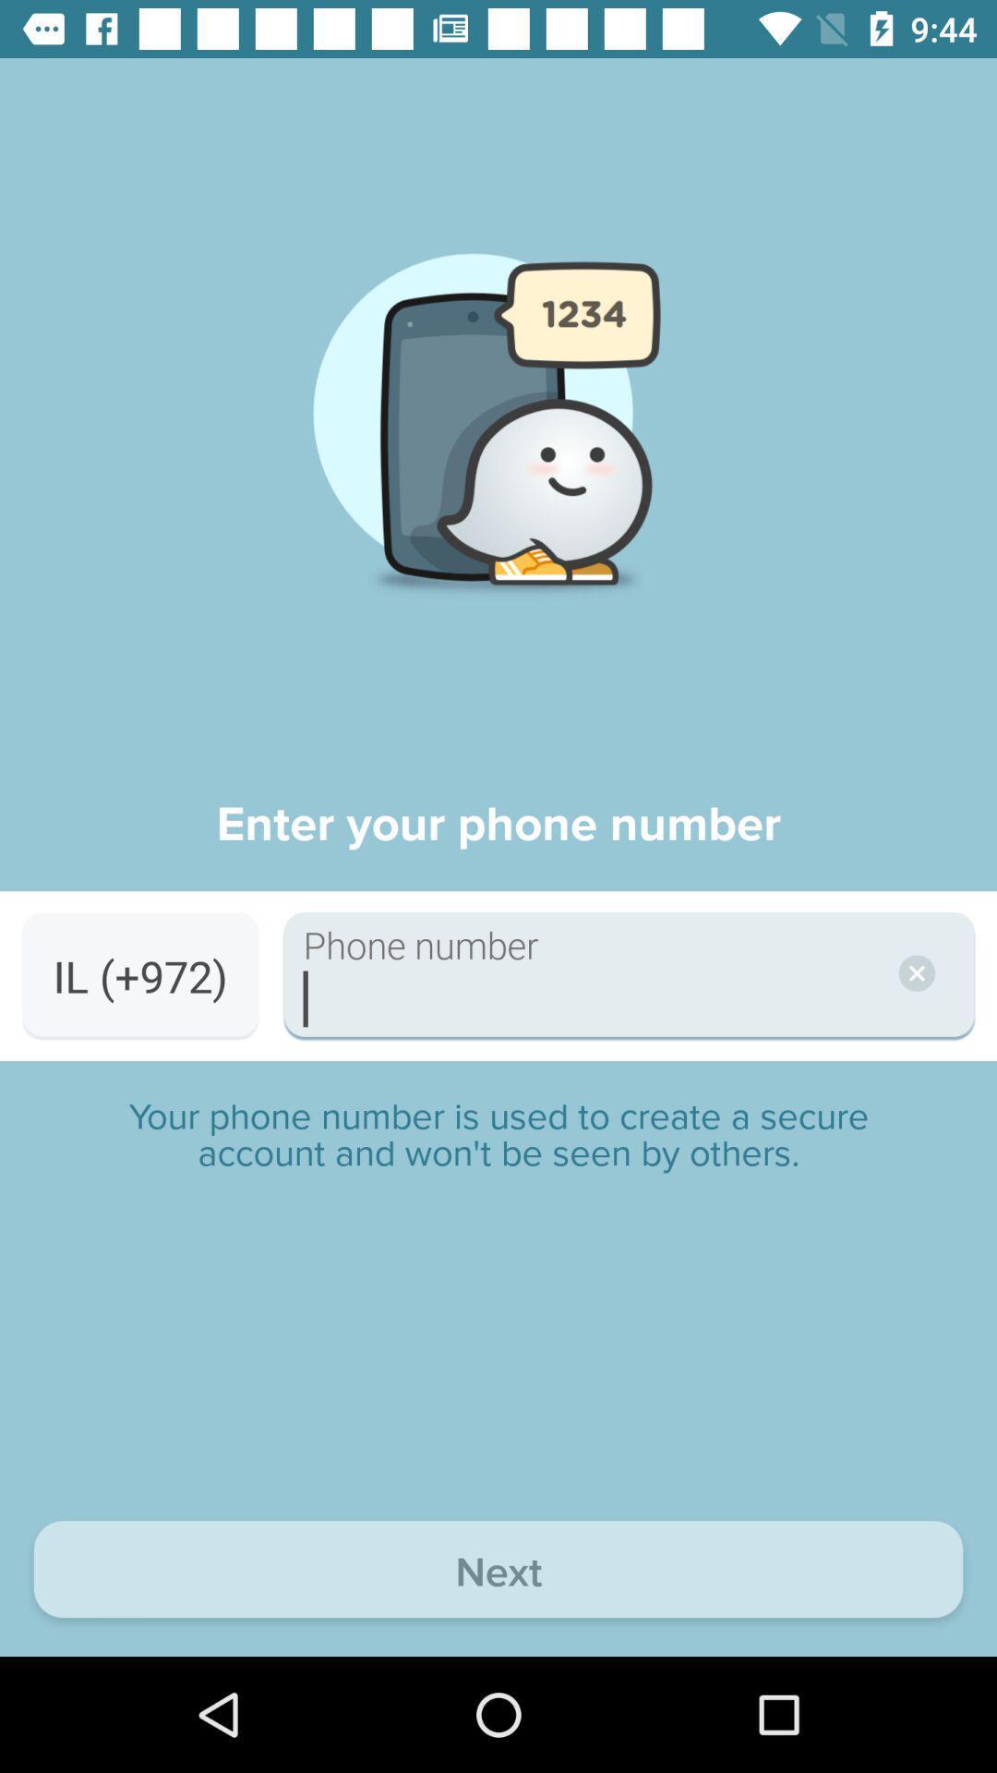 The image size is (997, 1773). Describe the element at coordinates (139, 975) in the screenshot. I see `icon above the your phone number` at that location.